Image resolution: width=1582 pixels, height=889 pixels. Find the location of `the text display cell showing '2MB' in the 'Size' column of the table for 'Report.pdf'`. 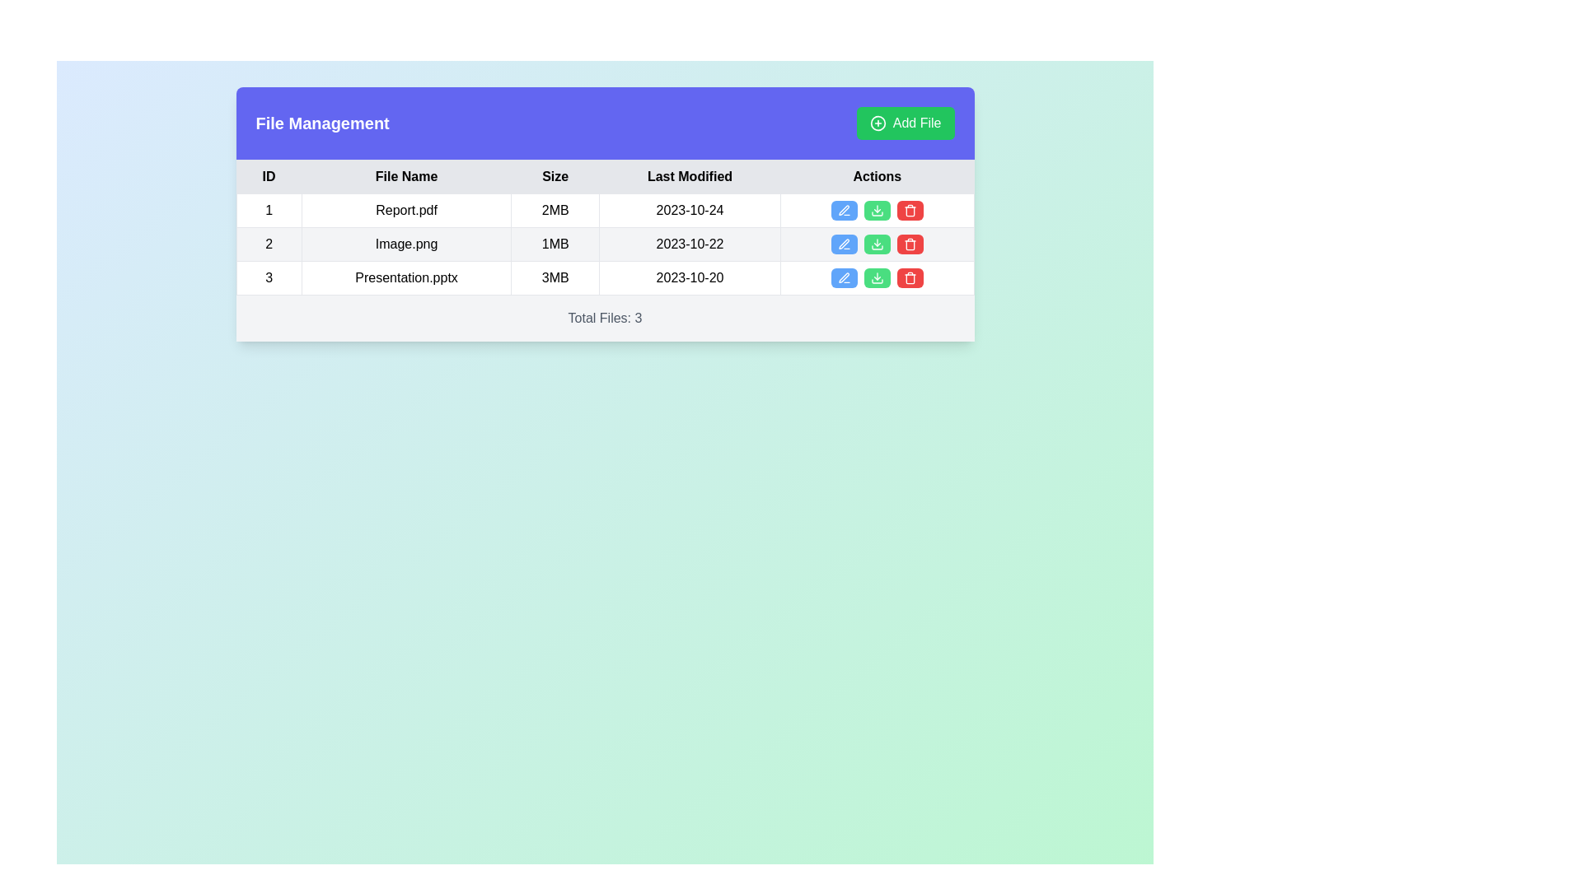

the text display cell showing '2MB' in the 'Size' column of the table for 'Report.pdf' is located at coordinates (555, 209).